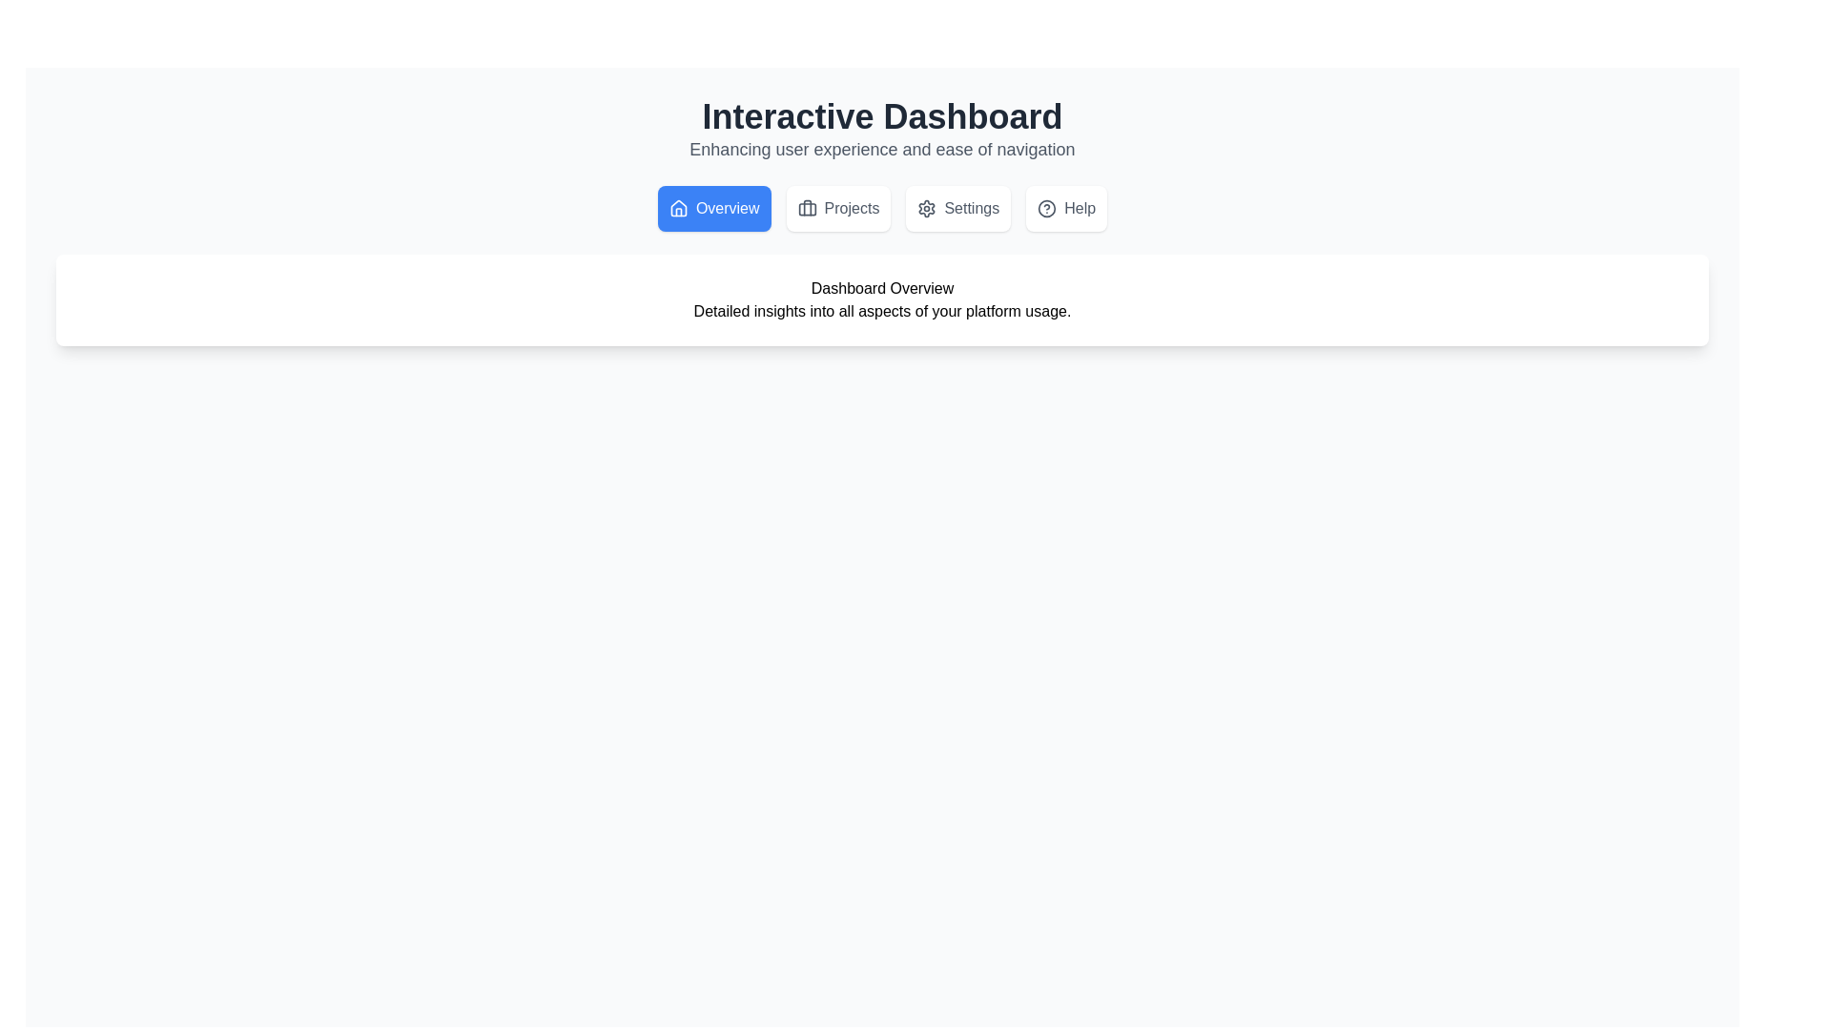 The height and width of the screenshot is (1030, 1831). I want to click on the static text label providing descriptive information below the 'Dashboard Overview' heading, so click(881, 311).